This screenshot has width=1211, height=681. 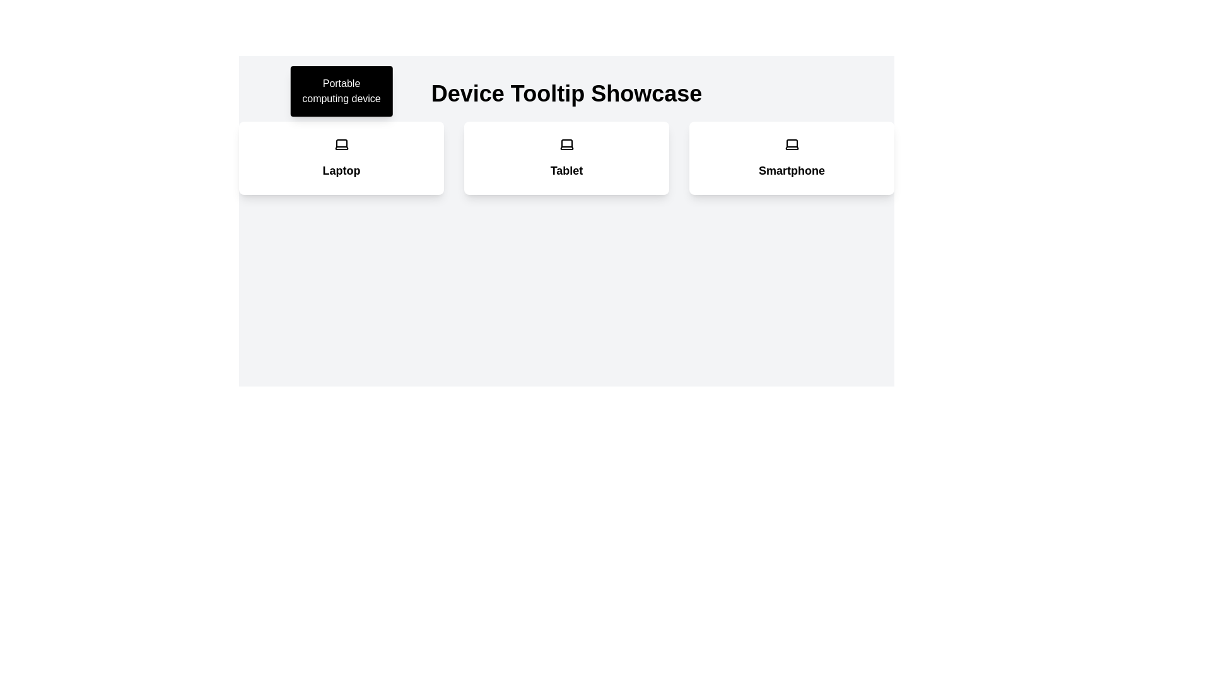 What do you see at coordinates (341, 157) in the screenshot?
I see `the laptop card in the top-left section of the three-column grid layout` at bounding box center [341, 157].